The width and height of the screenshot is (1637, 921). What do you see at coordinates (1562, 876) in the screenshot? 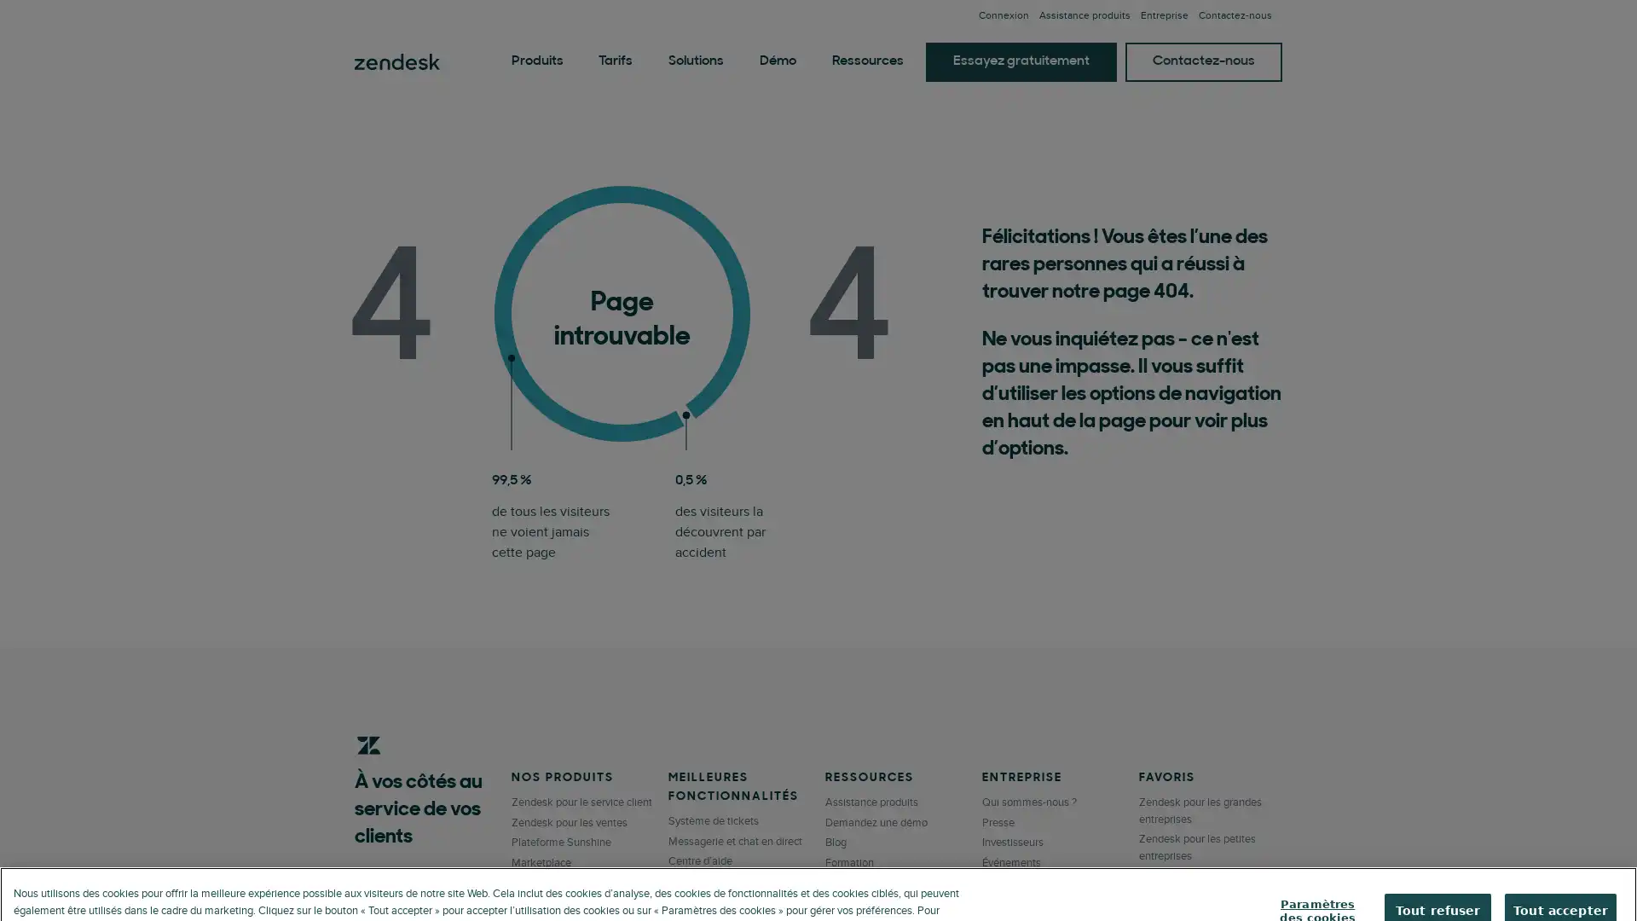
I see `Tout accepter` at bounding box center [1562, 876].